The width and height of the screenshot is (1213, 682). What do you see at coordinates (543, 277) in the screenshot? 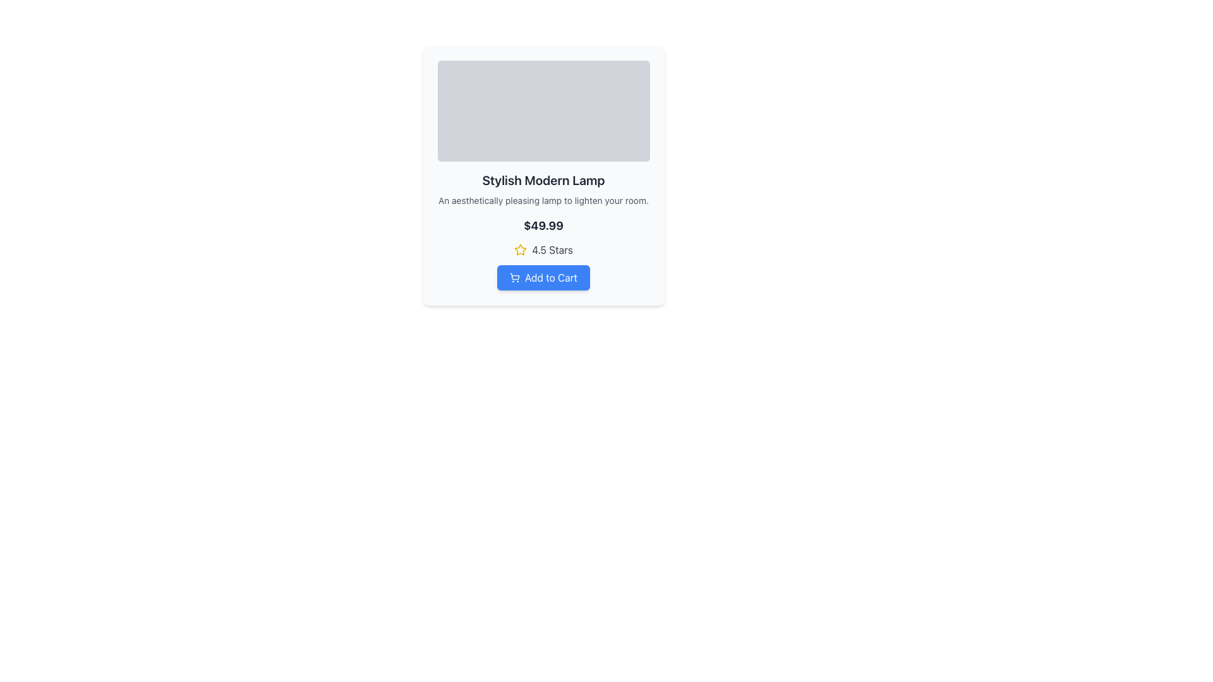
I see `the 'Add to Cart' button located at the bottom of the card layout` at bounding box center [543, 277].